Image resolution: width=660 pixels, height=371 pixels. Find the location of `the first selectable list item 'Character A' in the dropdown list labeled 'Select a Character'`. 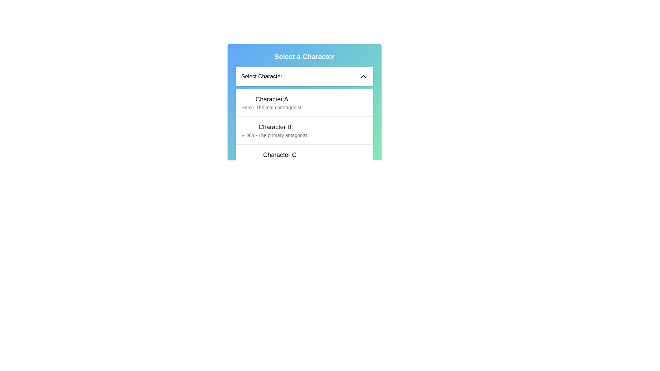

the first selectable list item 'Character A' in the dropdown list labeled 'Select a Character' is located at coordinates (304, 112).